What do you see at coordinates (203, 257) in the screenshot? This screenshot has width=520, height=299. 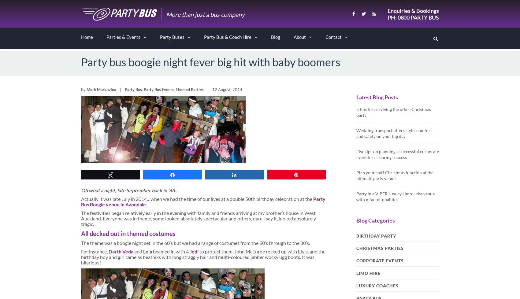 I see `'to protect them, John McEnroe rocked up with Elvis, and the birthday boy and girl came as beatniks with long straggly hair and multi-coloured jabber wocky ugg boots. It was hilarious!'` at bounding box center [203, 257].